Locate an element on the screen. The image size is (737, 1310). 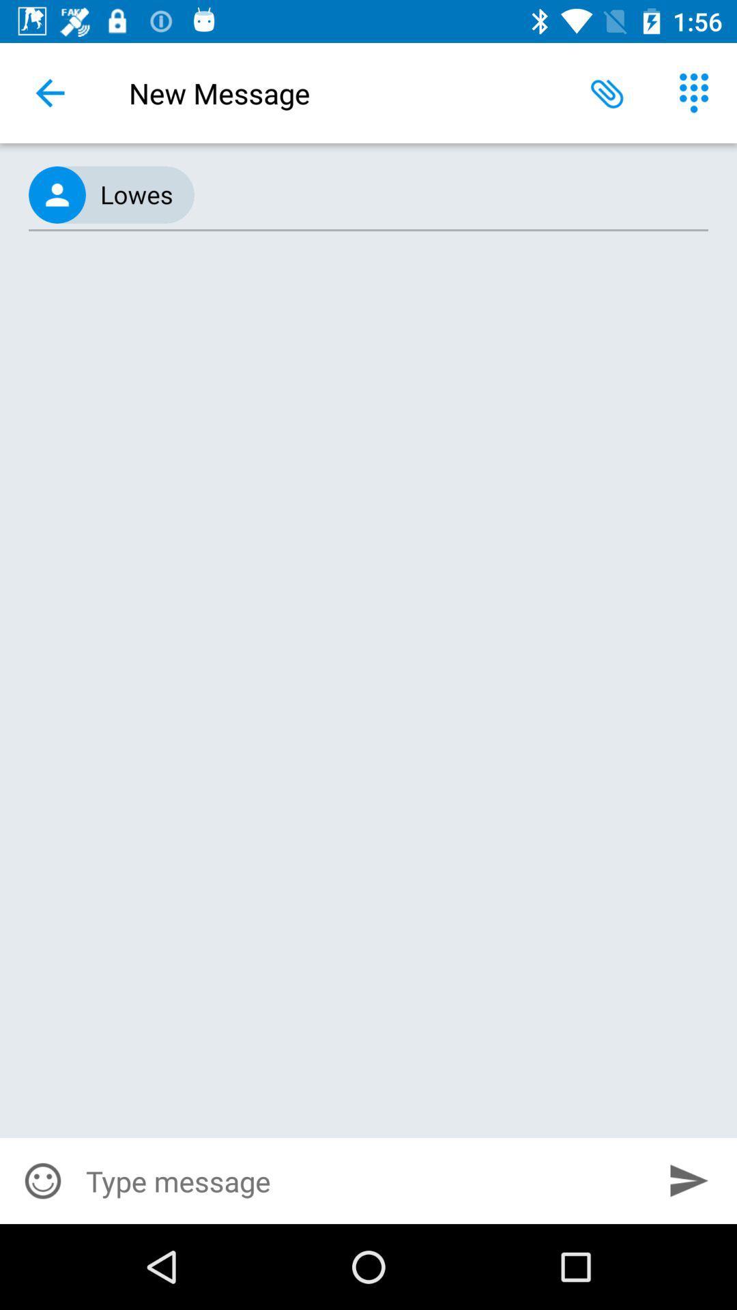
the item to the right of new message item is located at coordinates (607, 92).